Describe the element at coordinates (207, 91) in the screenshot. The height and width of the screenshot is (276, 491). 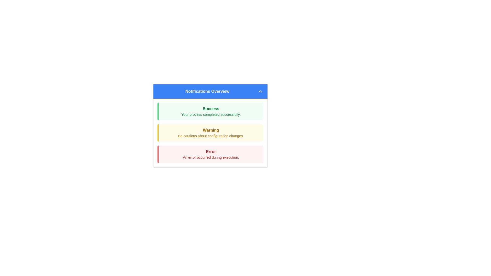
I see `the Text Label displaying 'Notifications Overview' with a blue background and white text, located at the top of the notification box` at that location.